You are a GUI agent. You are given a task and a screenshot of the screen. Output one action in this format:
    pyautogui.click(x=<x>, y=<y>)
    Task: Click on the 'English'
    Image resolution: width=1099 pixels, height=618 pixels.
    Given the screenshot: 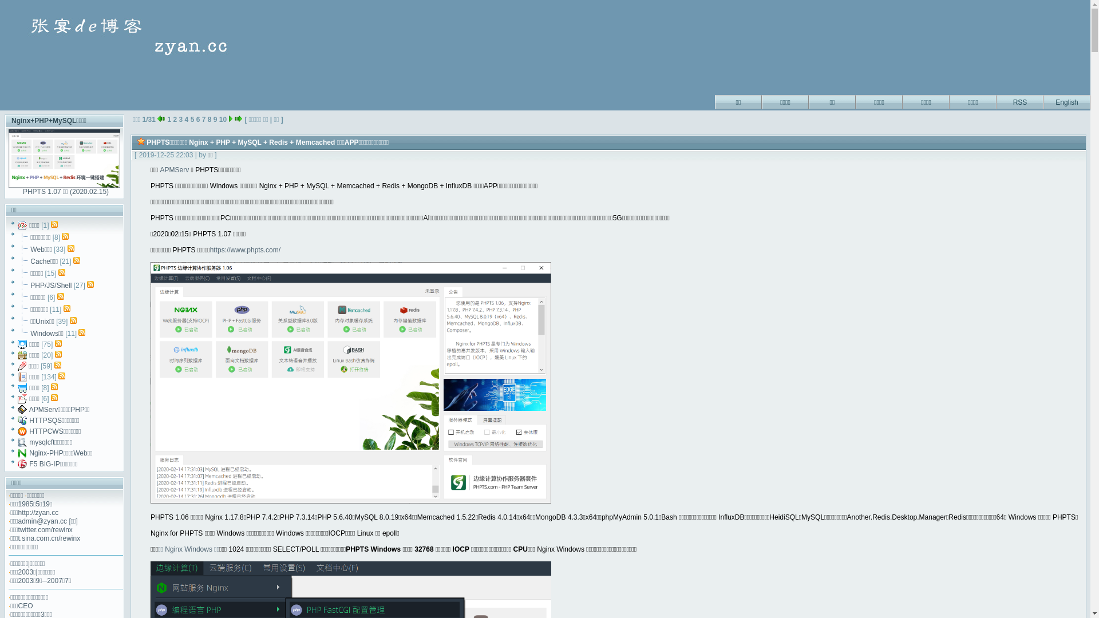 What is the action you would take?
    pyautogui.click(x=1066, y=100)
    